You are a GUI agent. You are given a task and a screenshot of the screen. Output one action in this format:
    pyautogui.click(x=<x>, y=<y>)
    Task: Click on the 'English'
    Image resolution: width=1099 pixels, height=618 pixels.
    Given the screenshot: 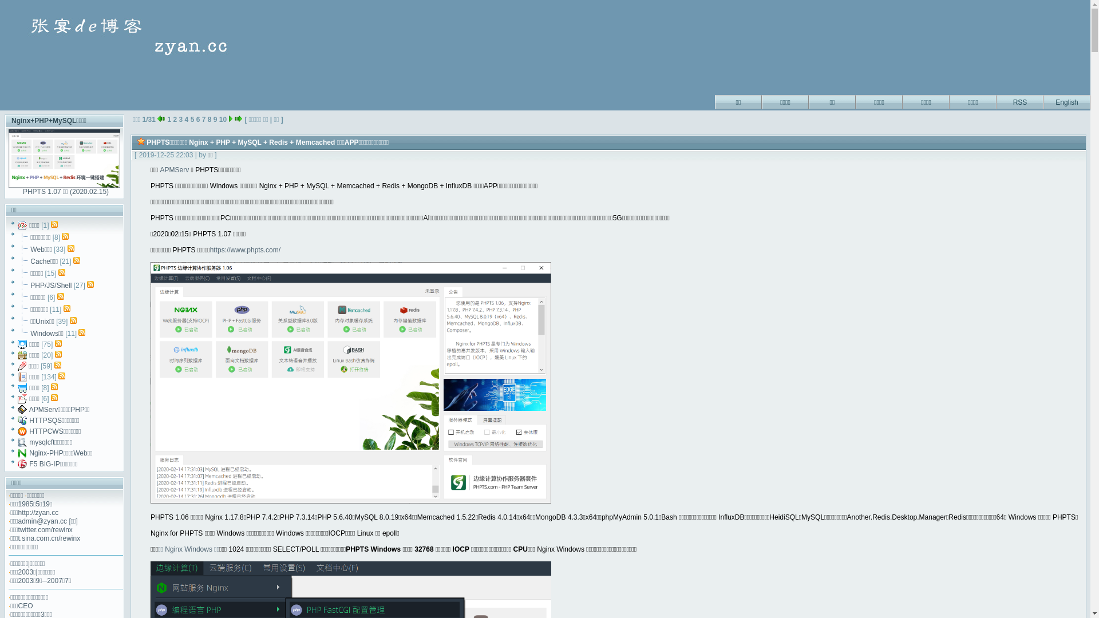 What is the action you would take?
    pyautogui.click(x=1066, y=100)
    